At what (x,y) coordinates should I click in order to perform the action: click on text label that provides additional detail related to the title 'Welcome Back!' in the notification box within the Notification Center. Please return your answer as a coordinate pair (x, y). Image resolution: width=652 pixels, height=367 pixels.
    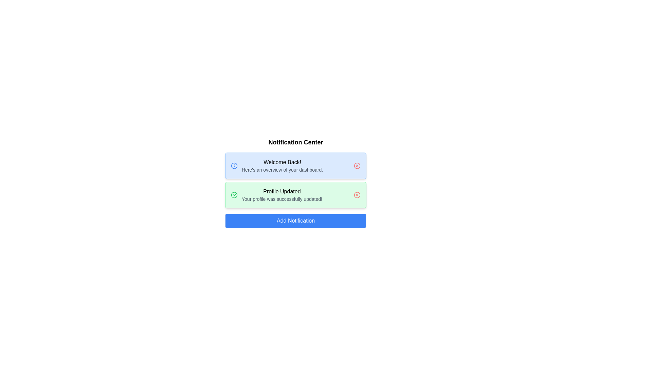
    Looking at the image, I should click on (282, 170).